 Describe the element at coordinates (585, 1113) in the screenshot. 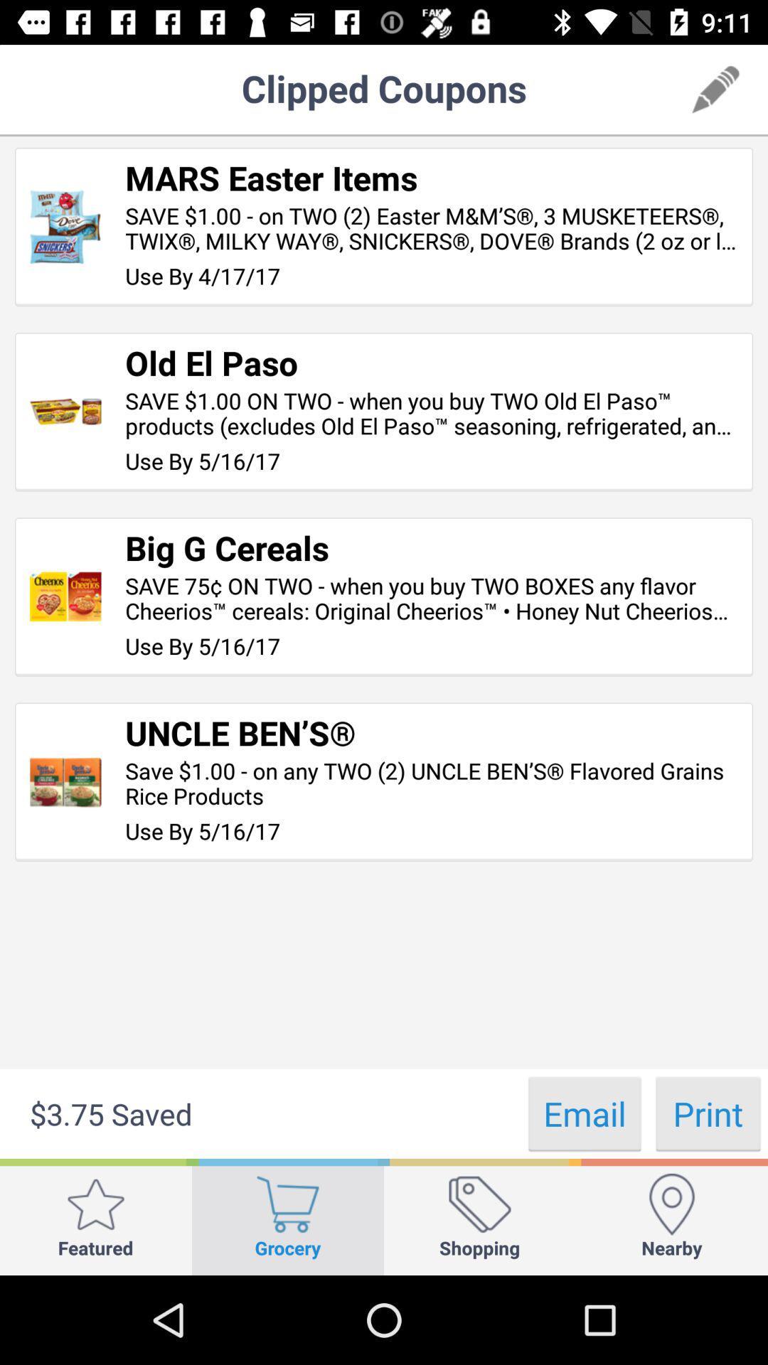

I see `item next to the print` at that location.